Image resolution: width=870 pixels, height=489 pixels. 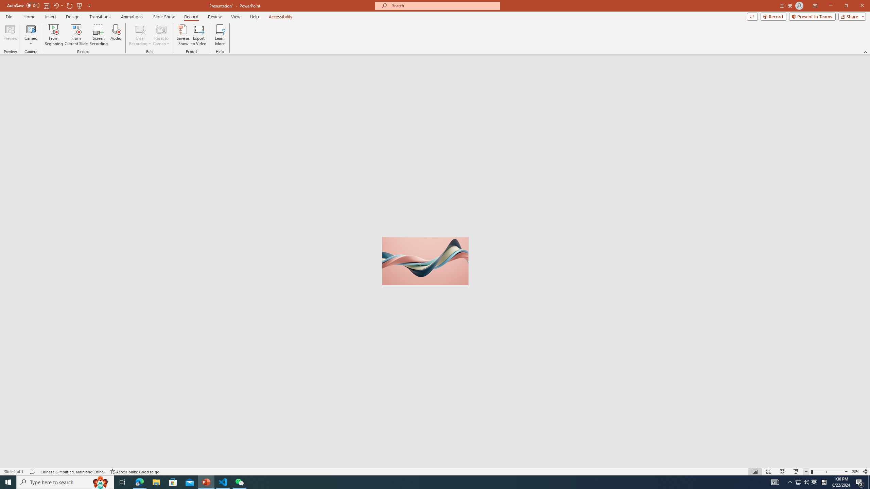 I want to click on 'Export to Video', so click(x=198, y=35).